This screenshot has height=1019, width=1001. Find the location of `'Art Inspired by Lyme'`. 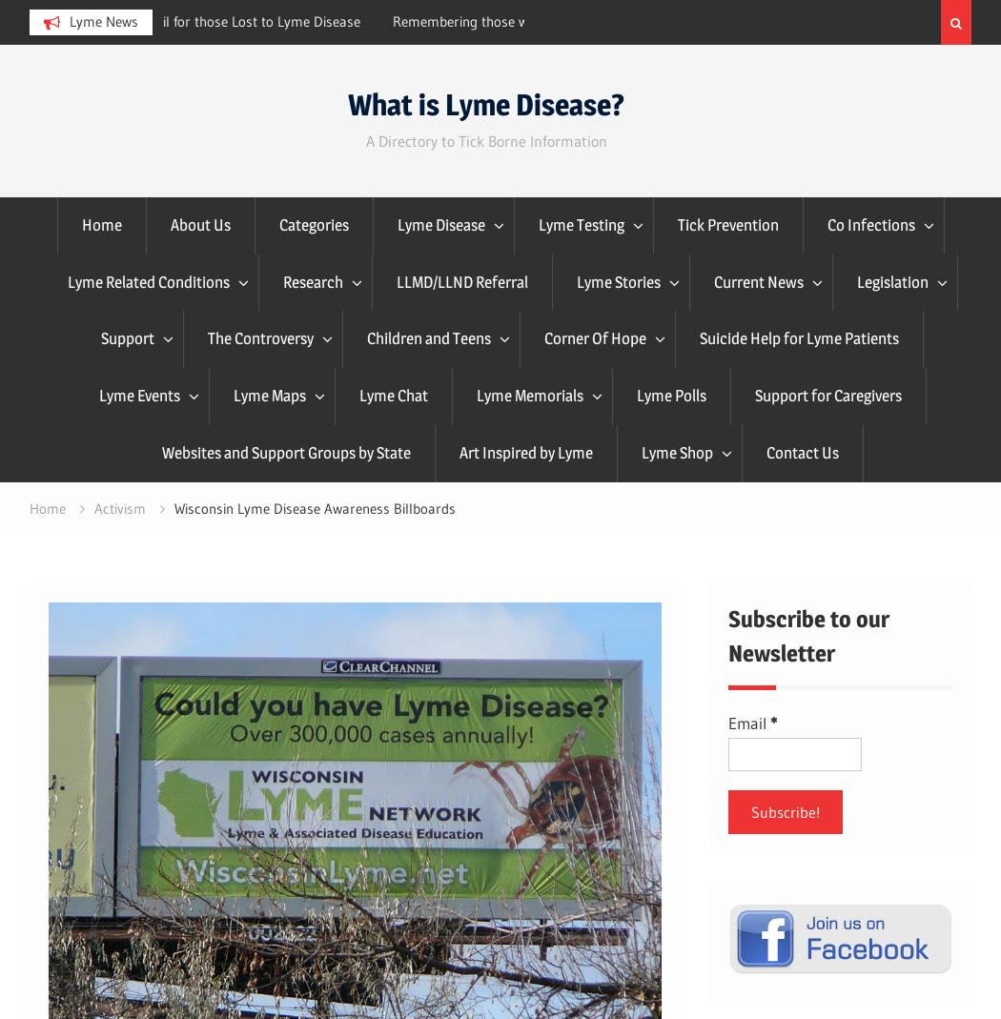

'Art Inspired by Lyme' is located at coordinates (525, 450).